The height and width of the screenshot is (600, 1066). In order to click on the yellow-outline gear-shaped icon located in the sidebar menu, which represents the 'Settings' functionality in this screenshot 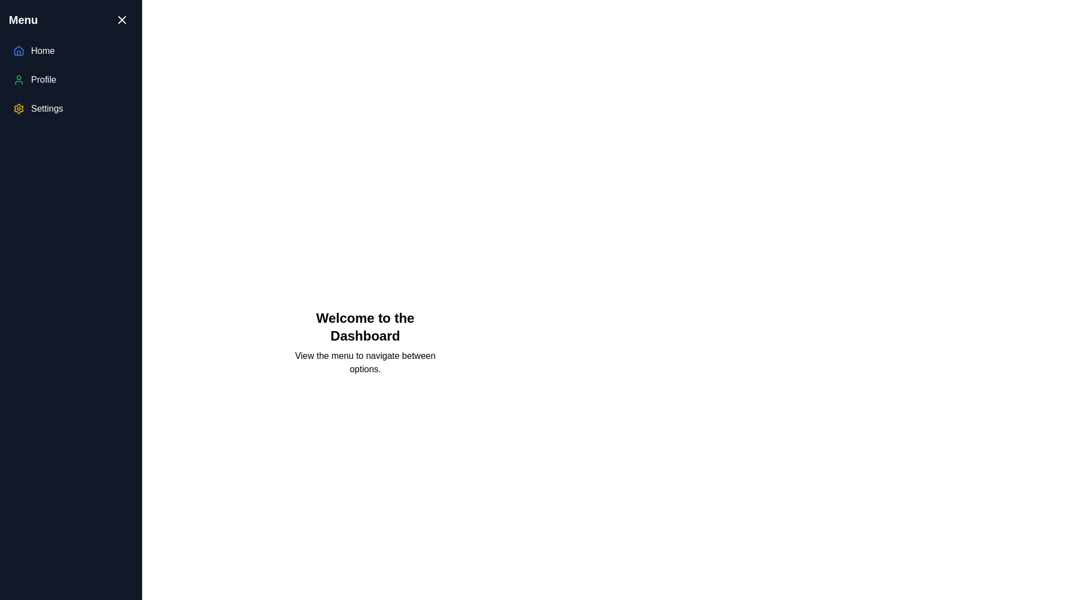, I will do `click(18, 109)`.